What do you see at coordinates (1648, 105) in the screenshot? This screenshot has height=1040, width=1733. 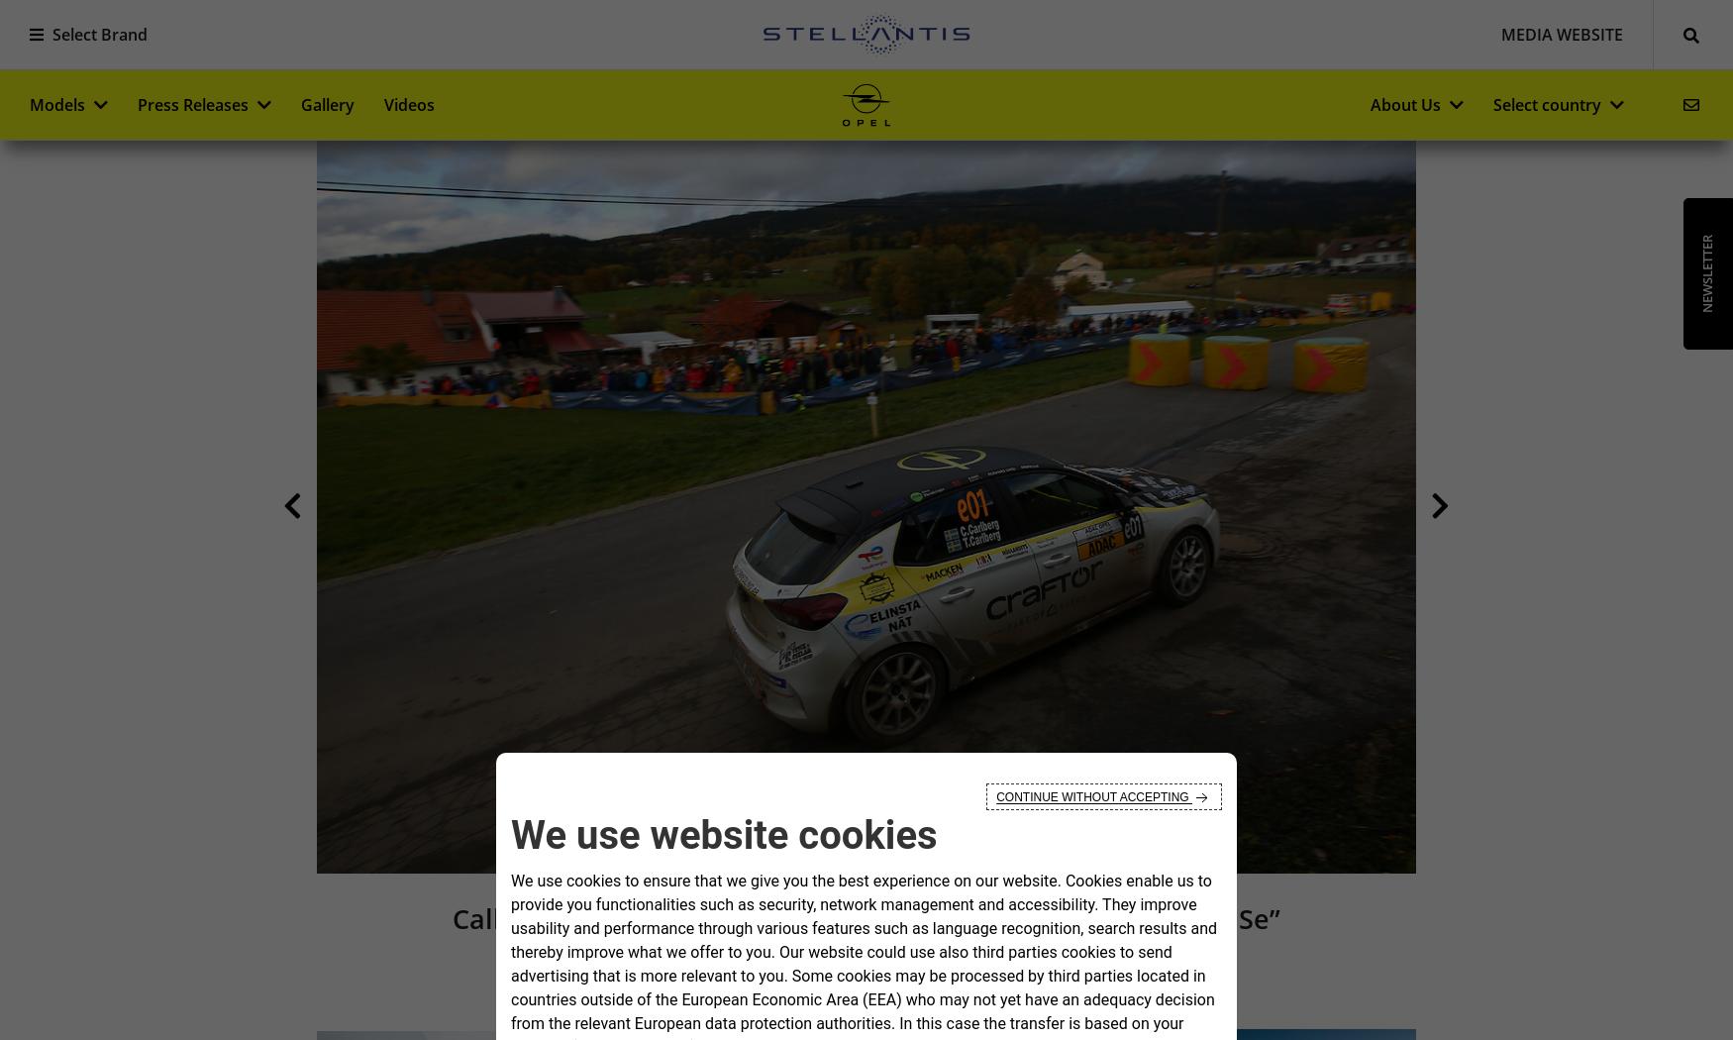 I see `'0'` at bounding box center [1648, 105].